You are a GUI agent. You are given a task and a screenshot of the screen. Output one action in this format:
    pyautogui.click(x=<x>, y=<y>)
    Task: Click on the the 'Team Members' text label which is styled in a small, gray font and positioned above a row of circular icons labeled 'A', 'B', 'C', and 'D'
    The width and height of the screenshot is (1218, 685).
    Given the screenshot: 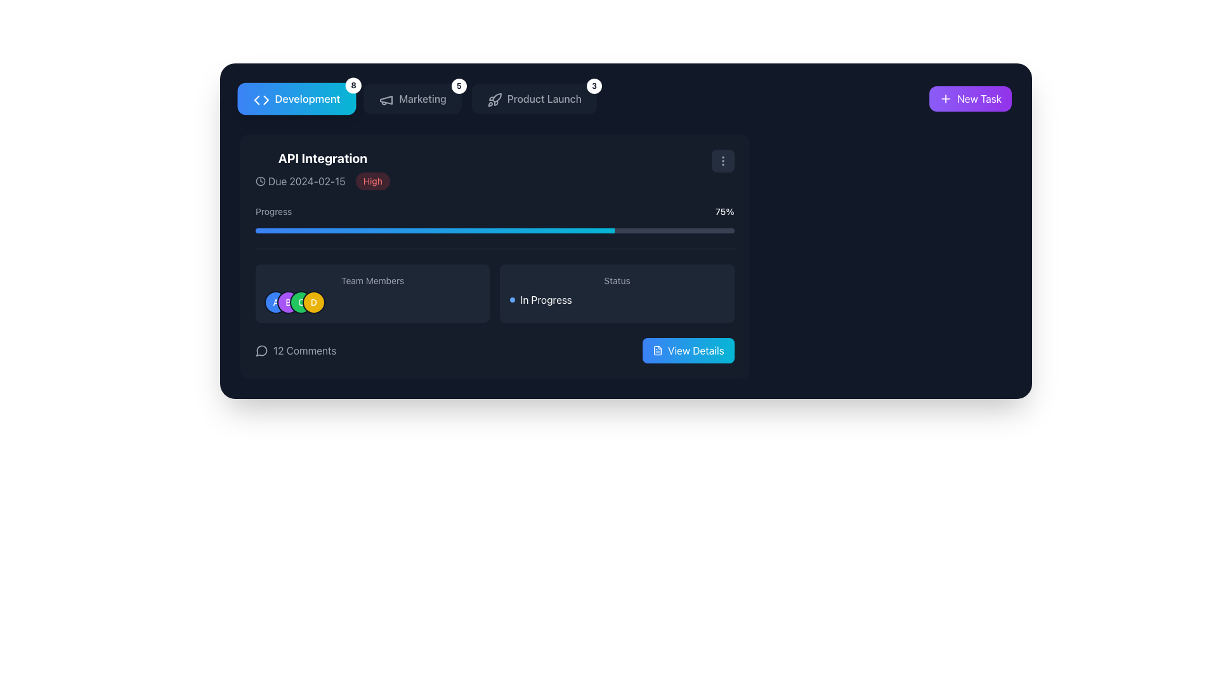 What is the action you would take?
    pyautogui.click(x=372, y=280)
    